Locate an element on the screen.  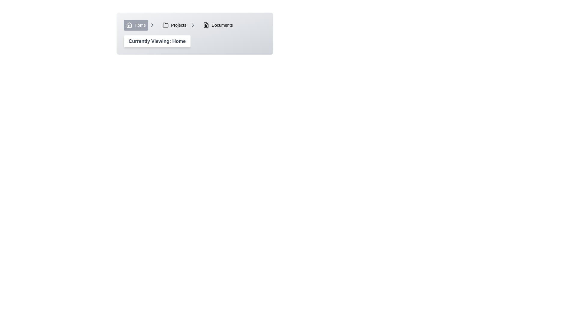
the folder icon representing the 'Projects' section in the navigation bar, located at the top-left corner of the interface is located at coordinates (166, 25).